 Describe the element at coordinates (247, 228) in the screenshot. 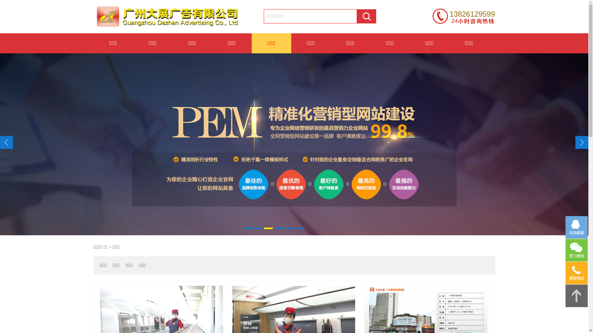

I see `'1'` at that location.